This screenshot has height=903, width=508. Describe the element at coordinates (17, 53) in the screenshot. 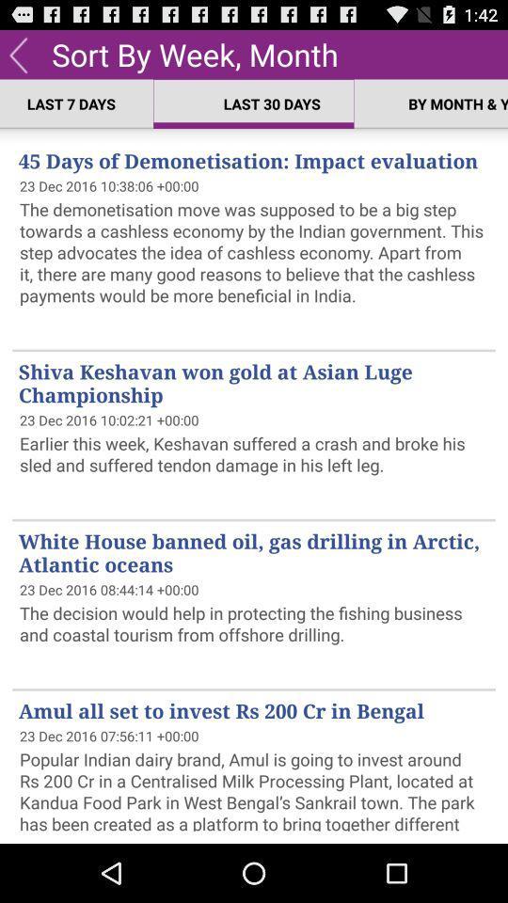

I see `previous` at that location.